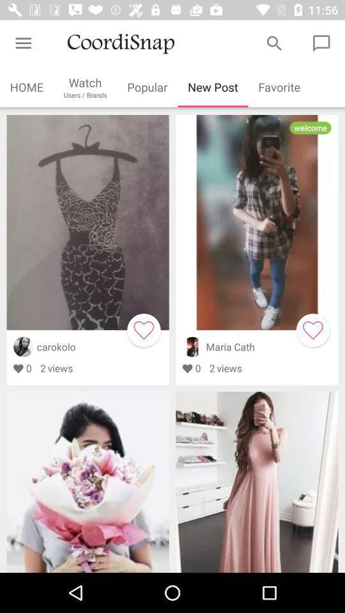 This screenshot has height=613, width=345. I want to click on like the item, so click(143, 329).